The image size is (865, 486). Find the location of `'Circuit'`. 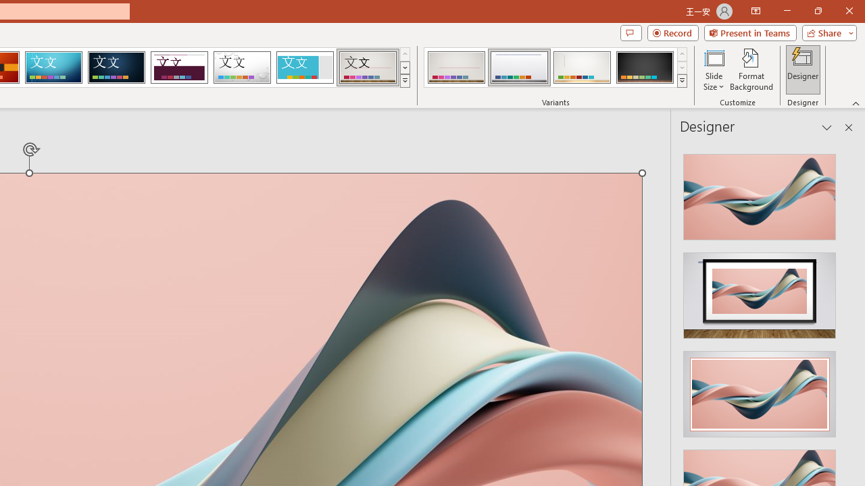

'Circuit' is located at coordinates (53, 67).